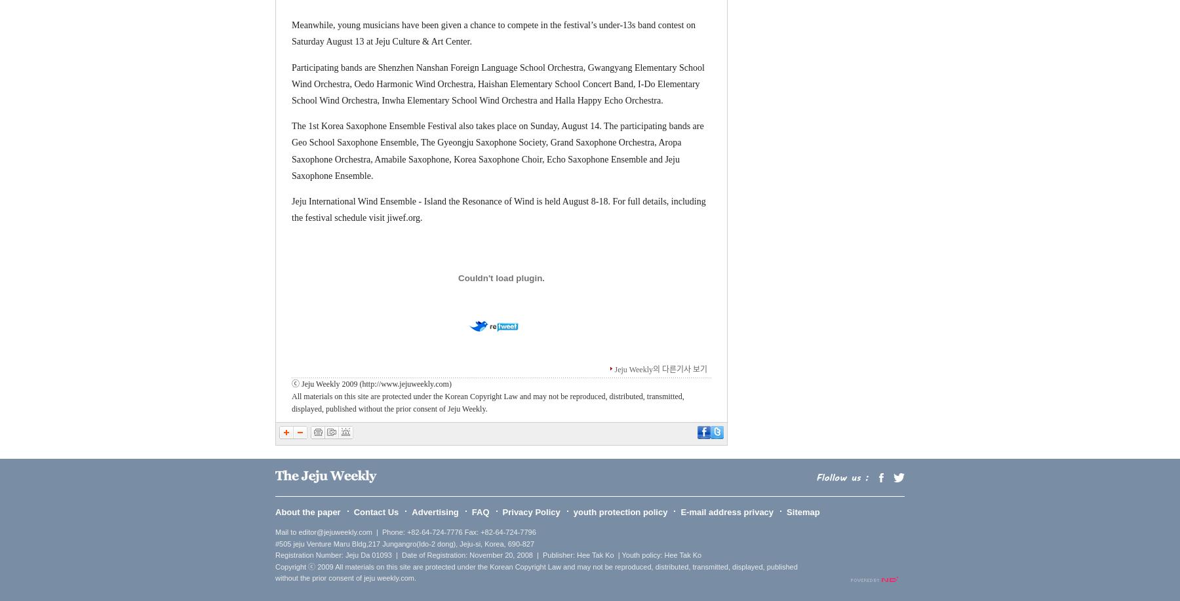  Describe the element at coordinates (275, 511) in the screenshot. I see `'About the paper'` at that location.